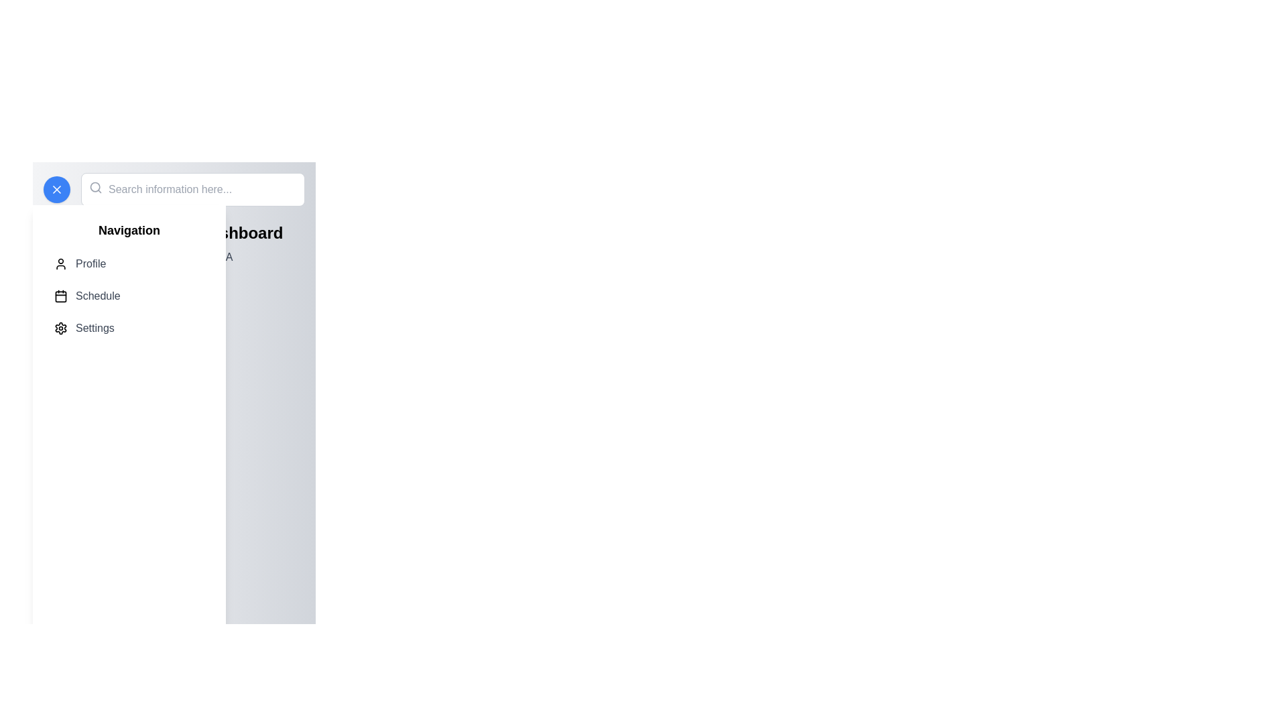  What do you see at coordinates (60, 296) in the screenshot?
I see `the calendar icon located to the left of the 'Schedule' text in the navigation menu` at bounding box center [60, 296].